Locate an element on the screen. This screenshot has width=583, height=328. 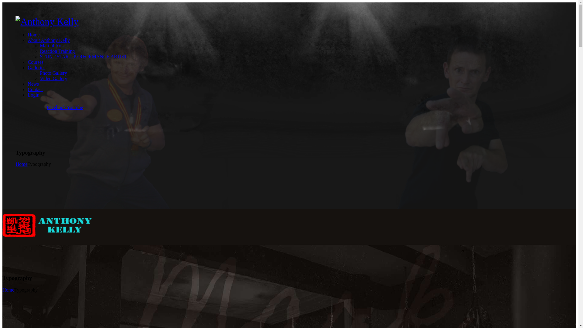
'Home' is located at coordinates (33, 35).